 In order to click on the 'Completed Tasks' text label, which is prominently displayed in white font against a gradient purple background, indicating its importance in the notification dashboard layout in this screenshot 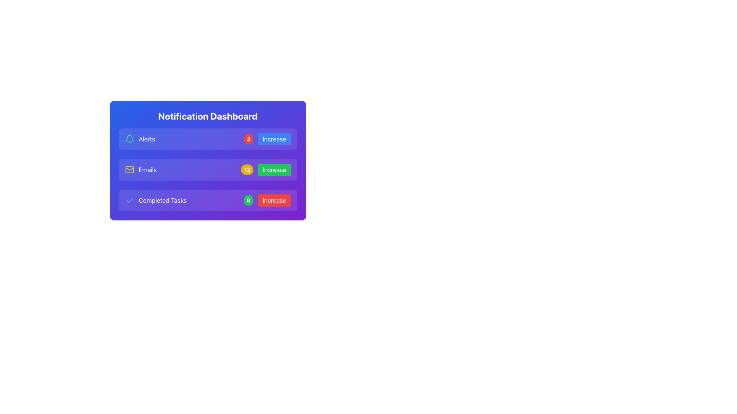, I will do `click(162, 200)`.